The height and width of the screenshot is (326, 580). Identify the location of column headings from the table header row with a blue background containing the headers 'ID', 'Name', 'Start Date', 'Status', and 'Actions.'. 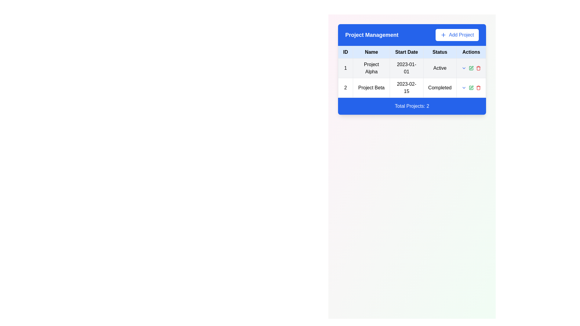
(411, 52).